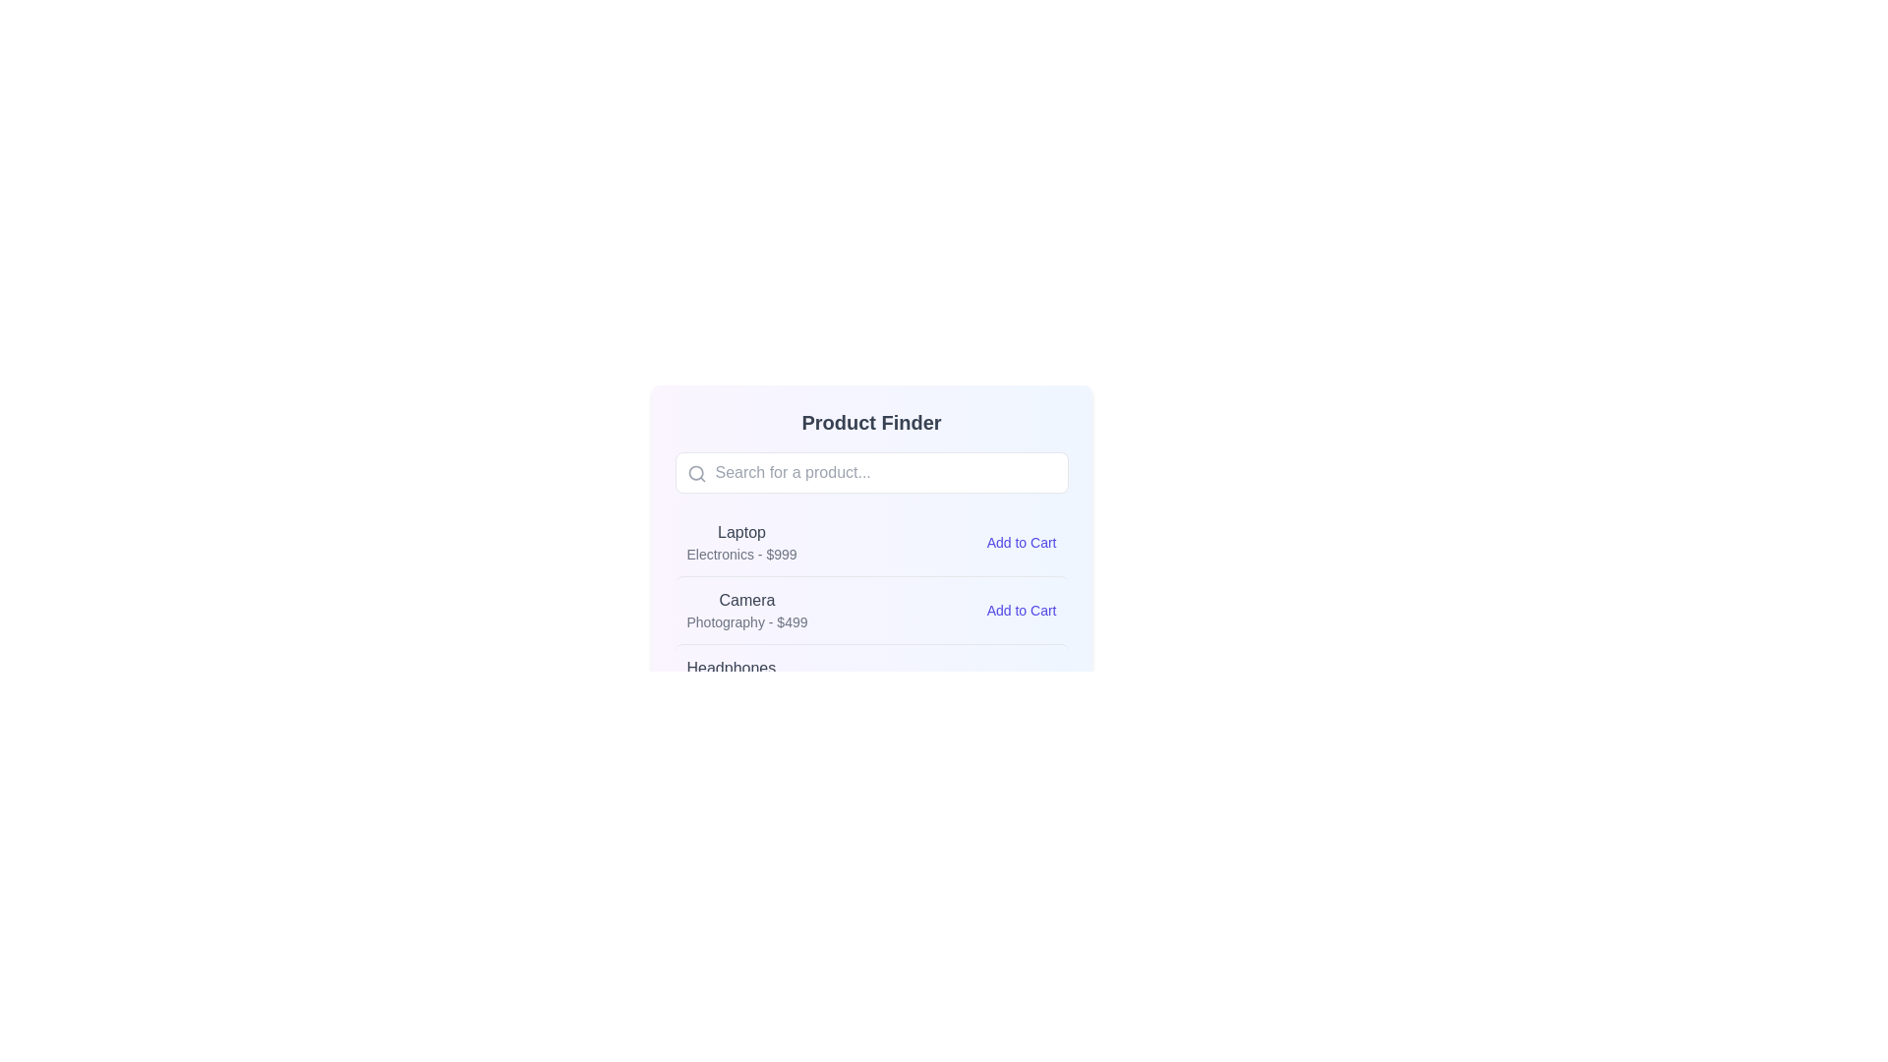 This screenshot has height=1062, width=1888. Describe the element at coordinates (745, 610) in the screenshot. I see `the product information text display that shows details for the product located between 'Laptop' and 'Headphones' in the product list` at that location.